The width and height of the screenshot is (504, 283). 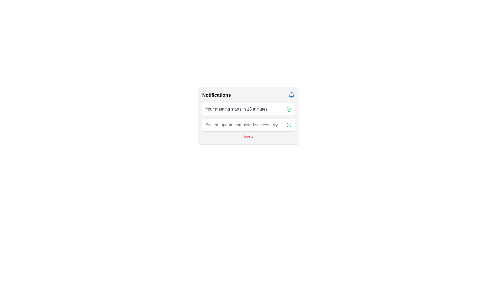 What do you see at coordinates (288, 109) in the screenshot?
I see `the status icon that indicates a successful action completion, located to the right of the notification message 'Your meeting starts in 15 minutes' in the top-right corner of the notification panel` at bounding box center [288, 109].